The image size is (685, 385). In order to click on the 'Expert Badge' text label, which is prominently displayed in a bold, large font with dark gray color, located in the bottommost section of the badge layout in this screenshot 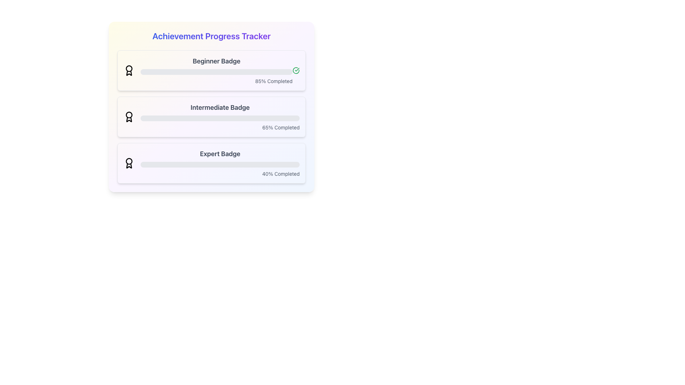, I will do `click(220, 154)`.